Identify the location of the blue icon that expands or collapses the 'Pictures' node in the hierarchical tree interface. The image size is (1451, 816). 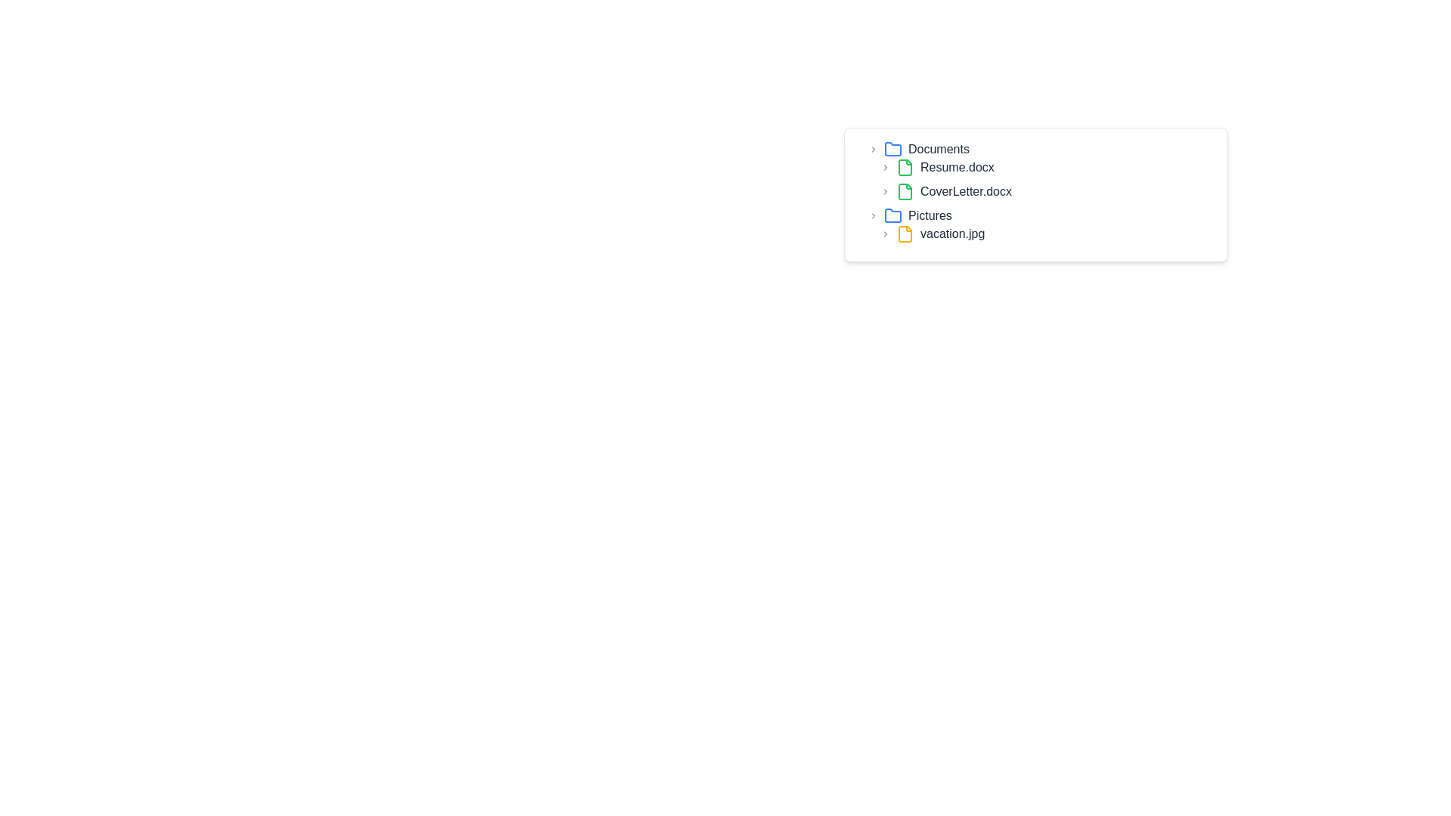
(874, 215).